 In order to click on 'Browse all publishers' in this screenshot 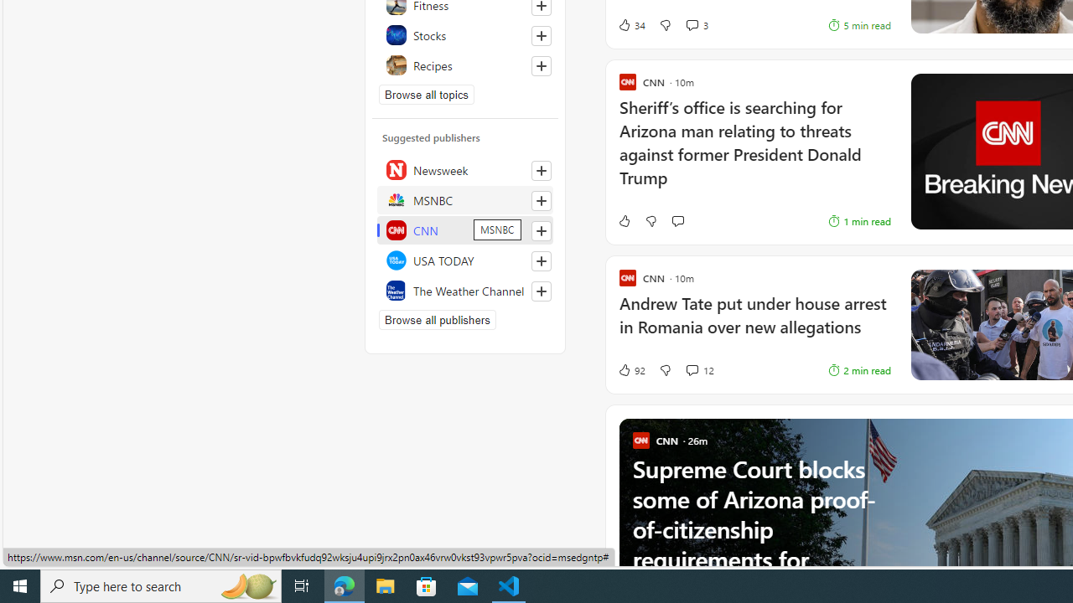, I will do `click(437, 319)`.